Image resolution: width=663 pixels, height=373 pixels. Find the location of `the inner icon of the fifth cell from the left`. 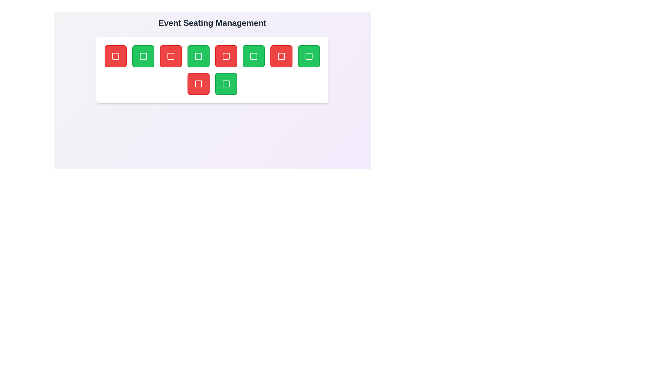

the inner icon of the fifth cell from the left is located at coordinates (281, 56).